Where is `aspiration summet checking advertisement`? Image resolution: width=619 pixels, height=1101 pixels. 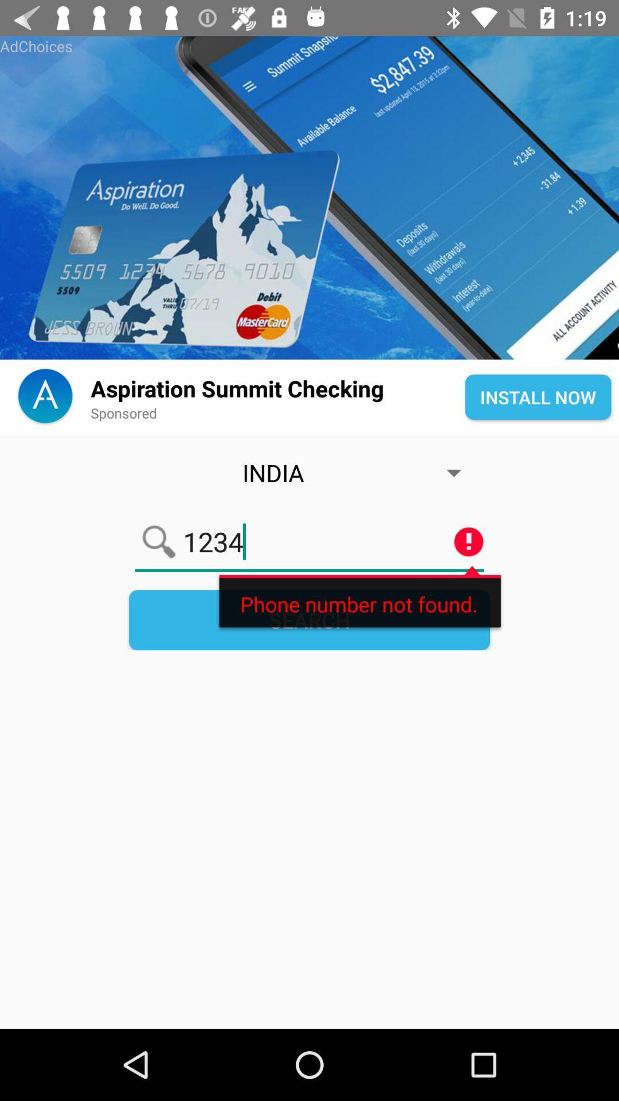
aspiration summet checking advertisement is located at coordinates (309, 198).